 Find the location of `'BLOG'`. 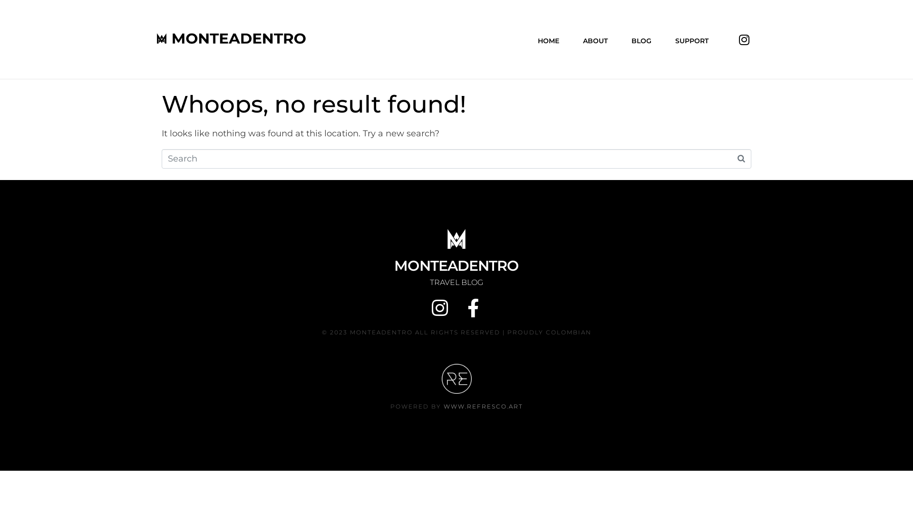

'BLOG' is located at coordinates (641, 39).